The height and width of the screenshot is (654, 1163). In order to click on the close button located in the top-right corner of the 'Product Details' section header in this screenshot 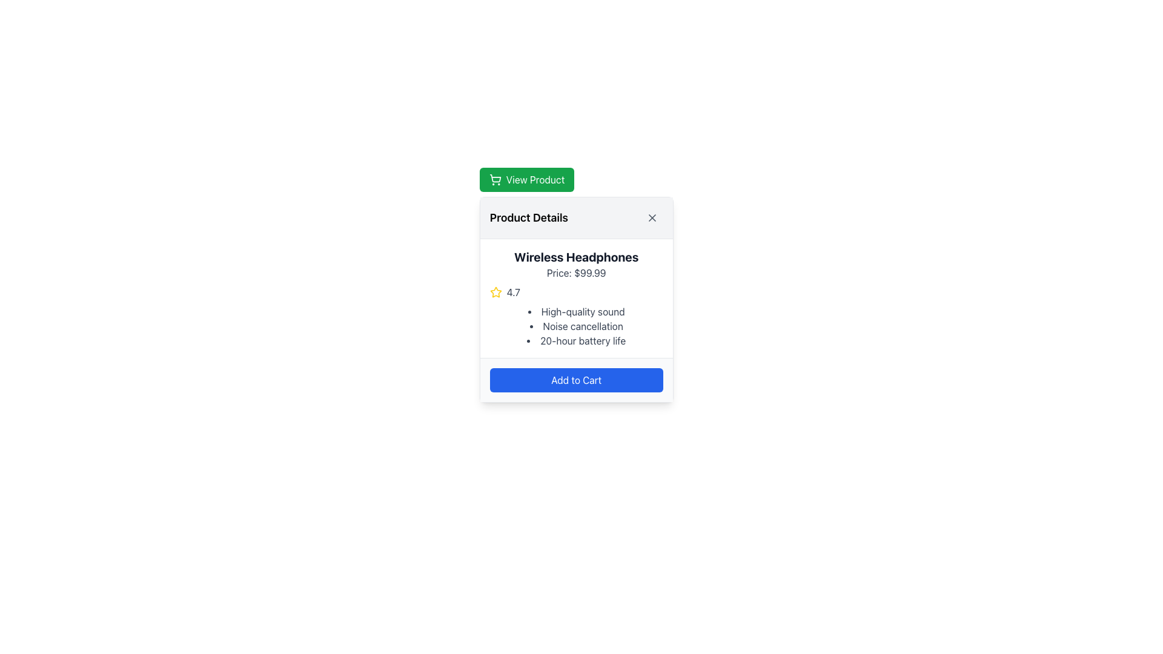, I will do `click(651, 217)`.